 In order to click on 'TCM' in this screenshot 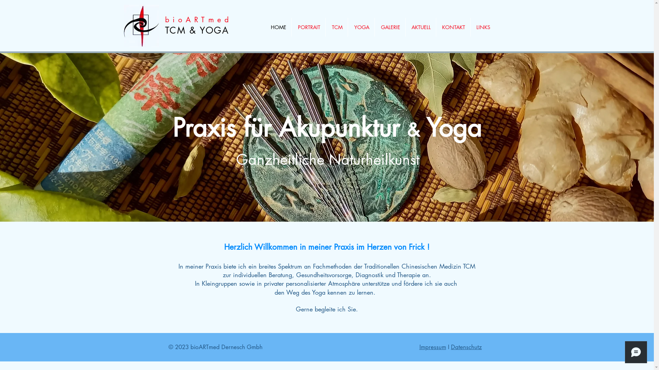, I will do `click(336, 27)`.